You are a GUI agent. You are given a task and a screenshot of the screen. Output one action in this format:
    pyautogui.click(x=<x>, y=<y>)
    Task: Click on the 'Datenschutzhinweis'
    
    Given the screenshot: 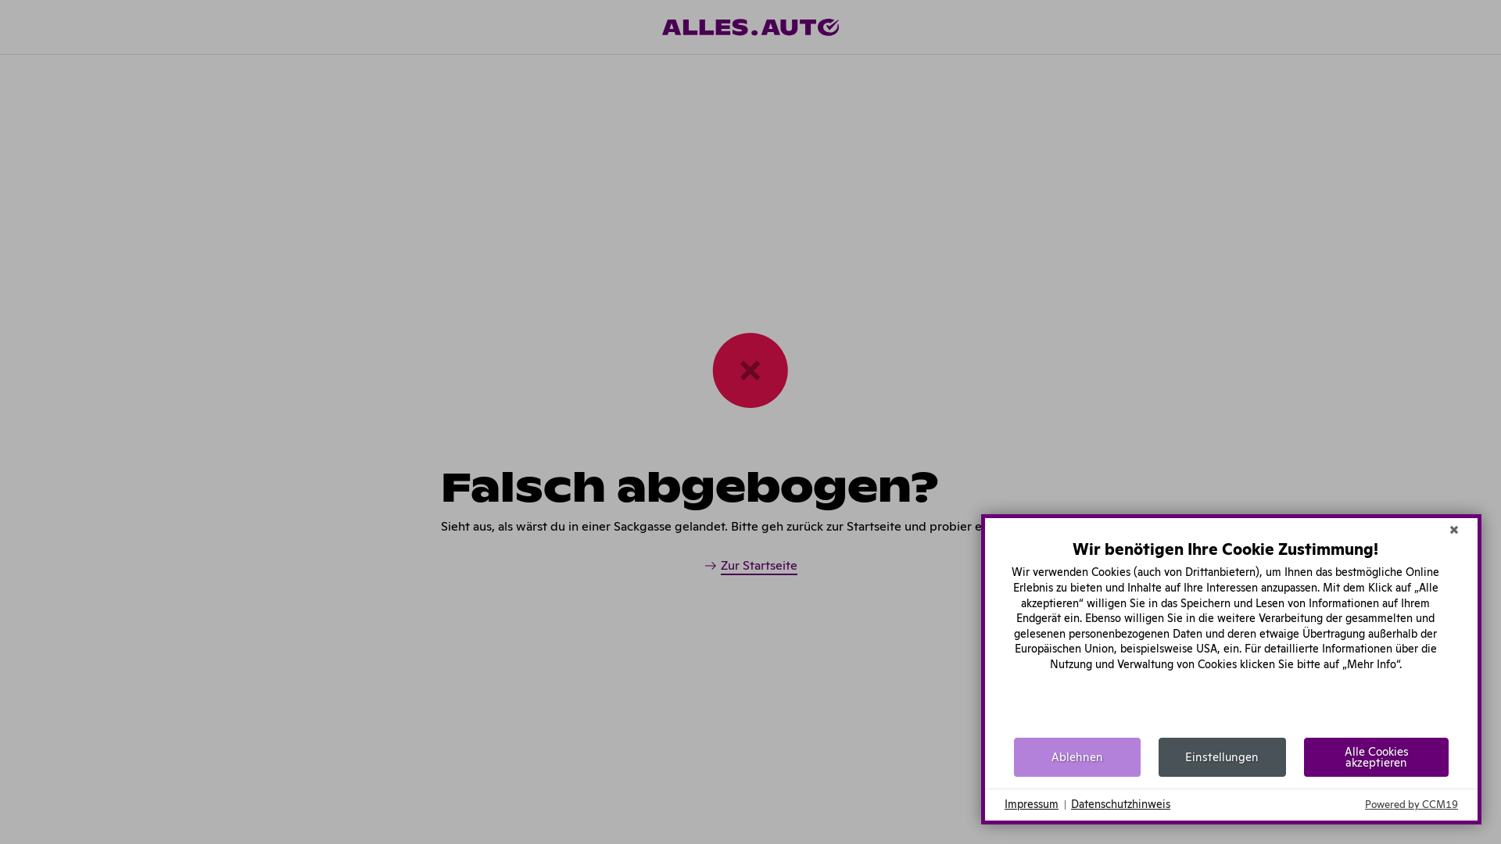 What is the action you would take?
    pyautogui.click(x=1119, y=804)
    